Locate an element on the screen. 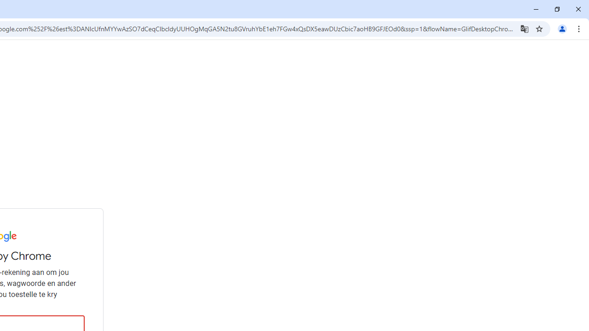  'Translate this page' is located at coordinates (524, 28).